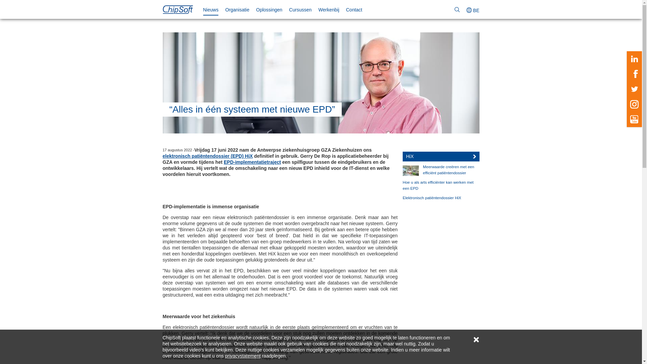  What do you see at coordinates (354, 10) in the screenshot?
I see `'Contact'` at bounding box center [354, 10].